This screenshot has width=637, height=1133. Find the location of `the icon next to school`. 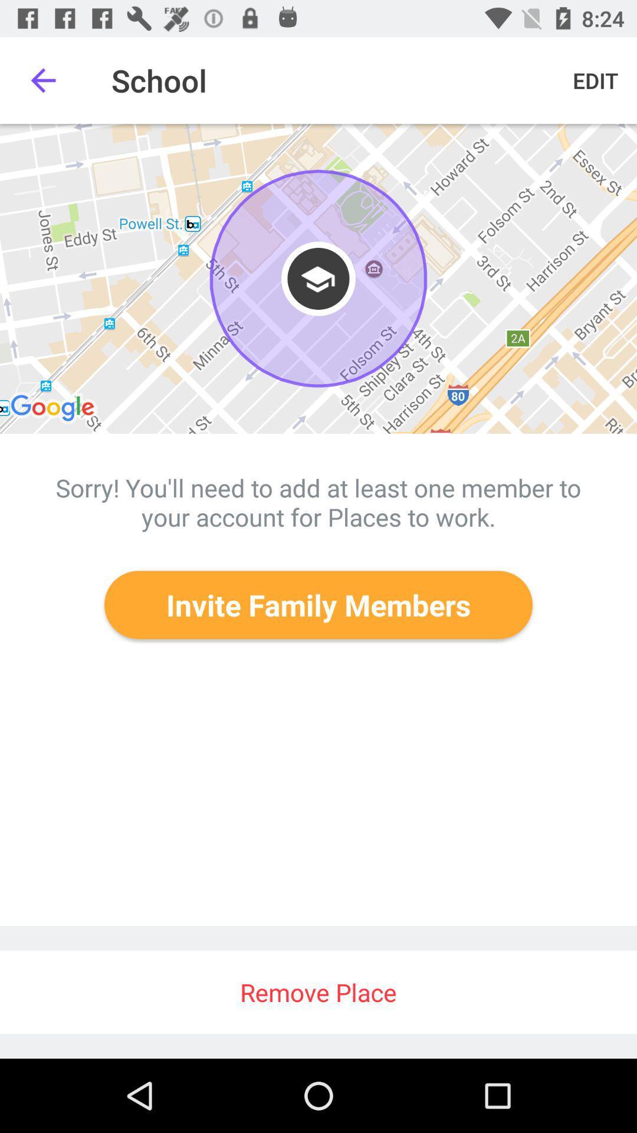

the icon next to school is located at coordinates (42, 80).